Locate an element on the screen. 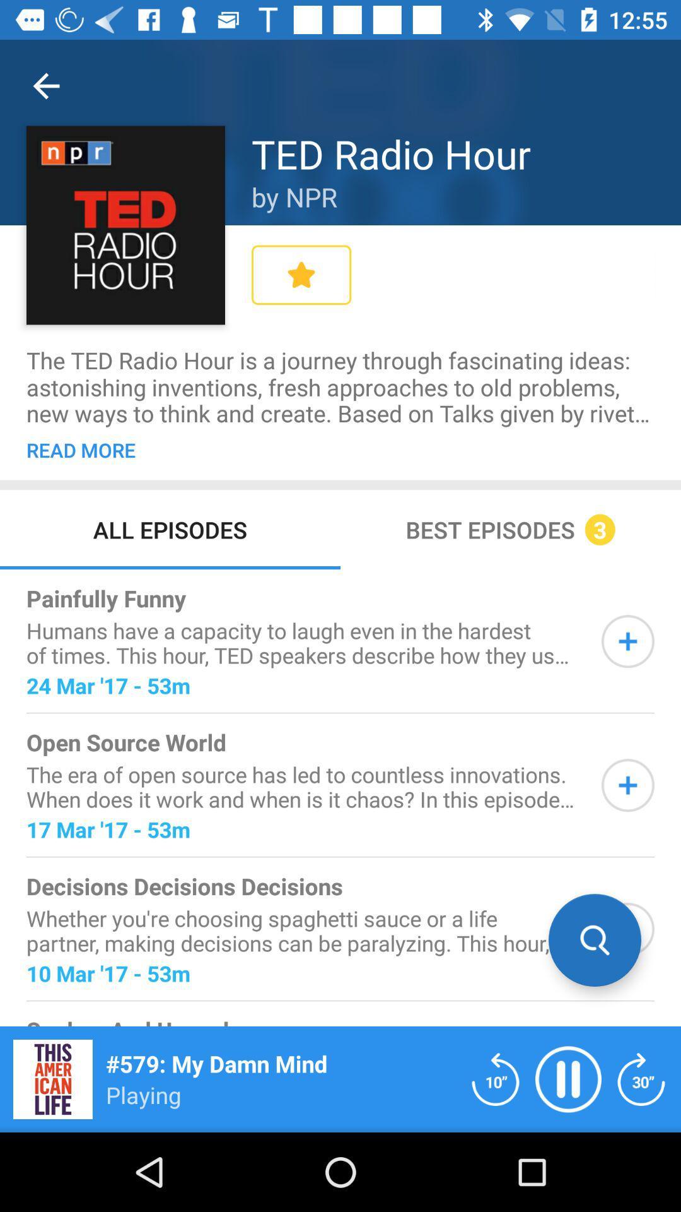 The width and height of the screenshot is (681, 1212). episode is located at coordinates (627, 641).